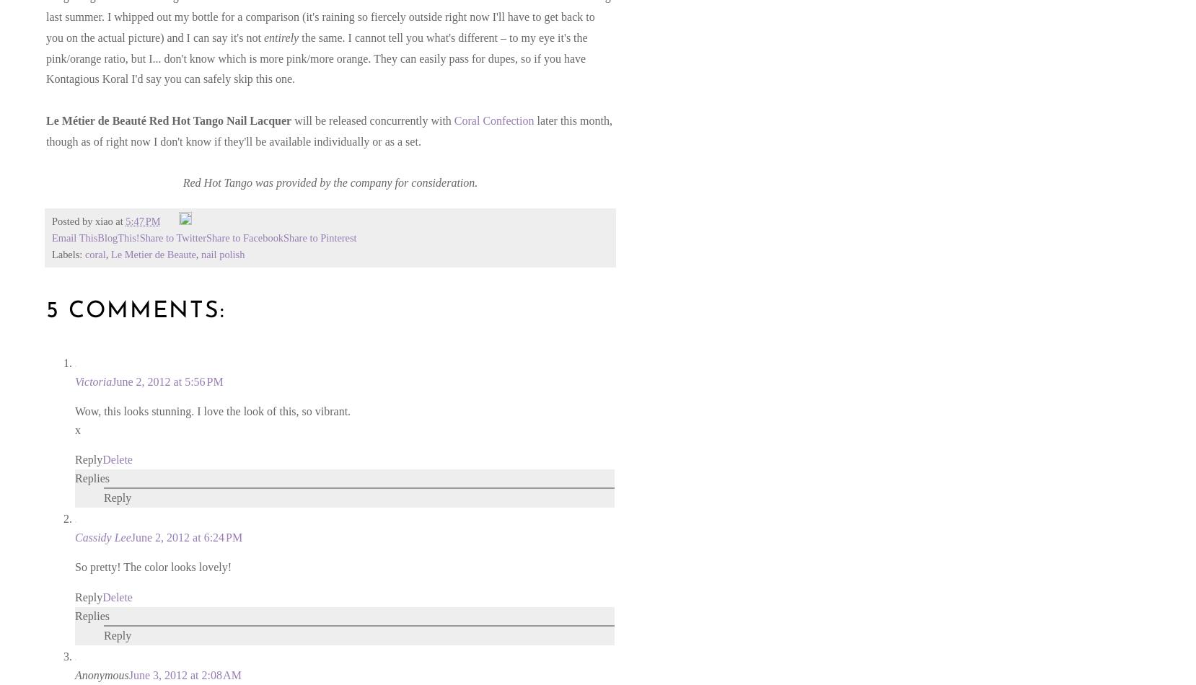  Describe the element at coordinates (184, 673) in the screenshot. I see `'June 3, 2012 at 2:08 AM'` at that location.